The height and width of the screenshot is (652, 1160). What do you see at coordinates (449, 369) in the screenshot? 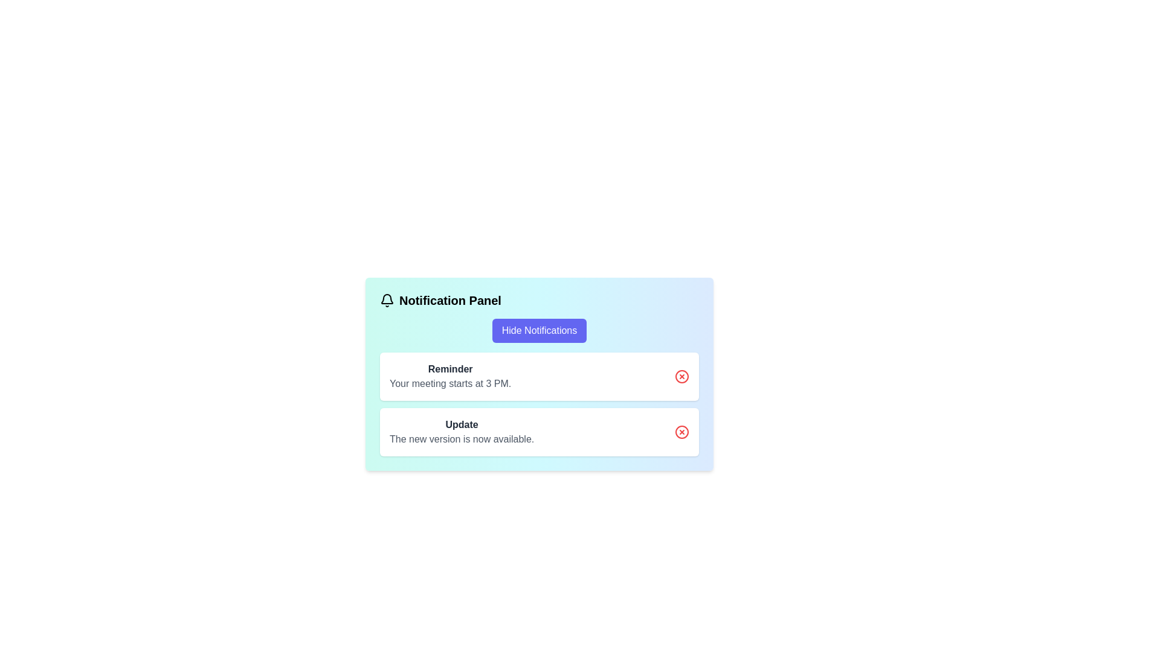
I see `the Text Label that serves as the title or heading for the notification card, located above the message 'Your meeting starts at 3 PM.'` at bounding box center [449, 369].